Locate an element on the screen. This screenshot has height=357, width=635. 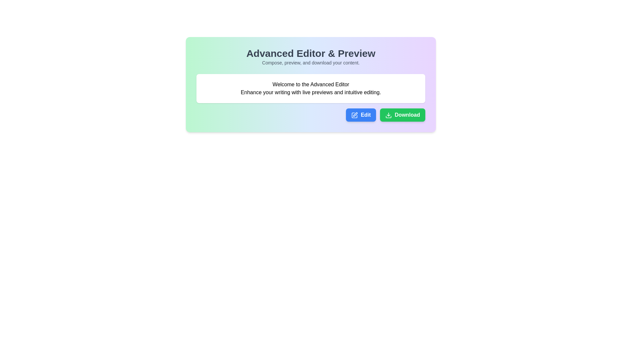
the text block displaying 'Advanced Editor & Preview' with the subtitle 'Compose, preview, and download your content.' is located at coordinates (311, 57).